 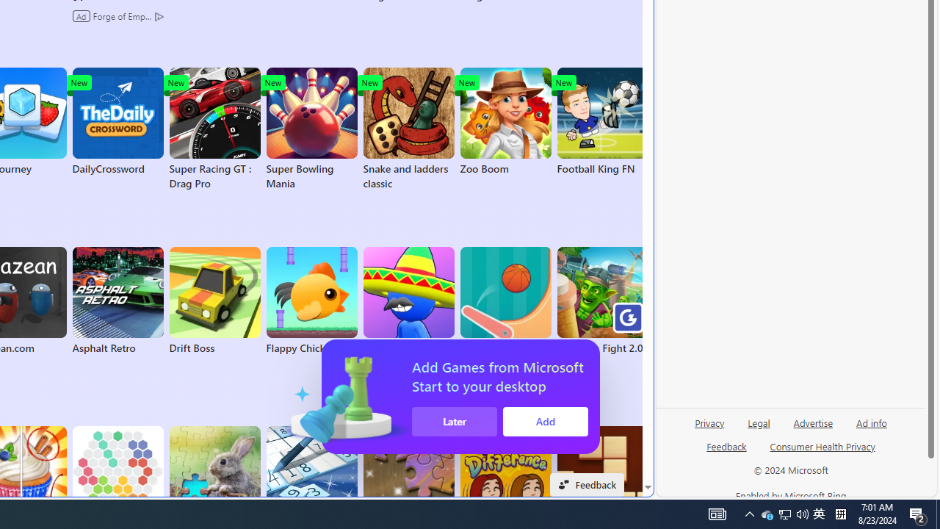 I want to click on 'Consumer Health Privacy', so click(x=822, y=451).